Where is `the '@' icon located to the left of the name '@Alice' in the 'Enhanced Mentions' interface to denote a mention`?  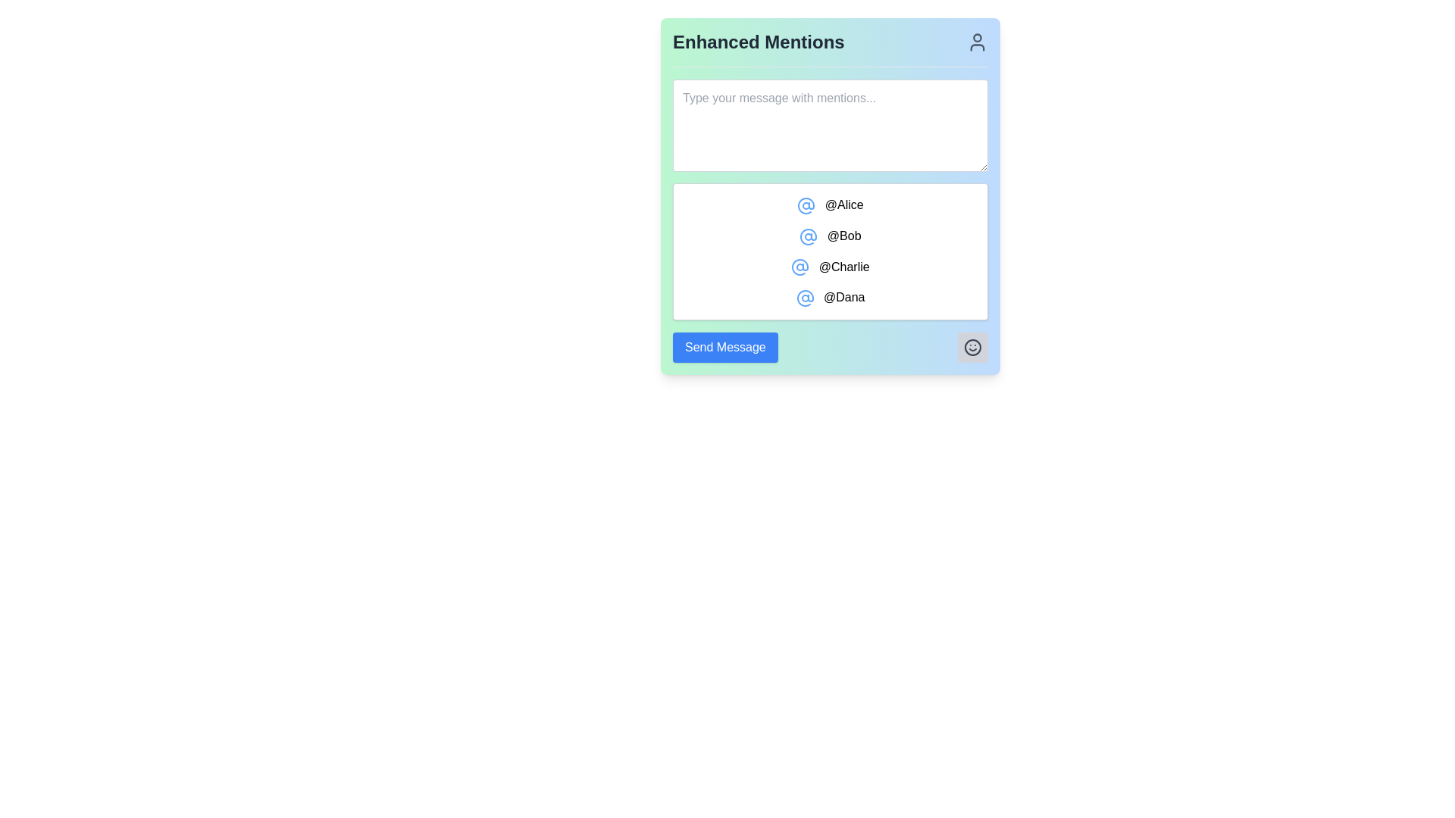
the '@' icon located to the left of the name '@Alice' in the 'Enhanced Mentions' interface to denote a mention is located at coordinates (806, 205).